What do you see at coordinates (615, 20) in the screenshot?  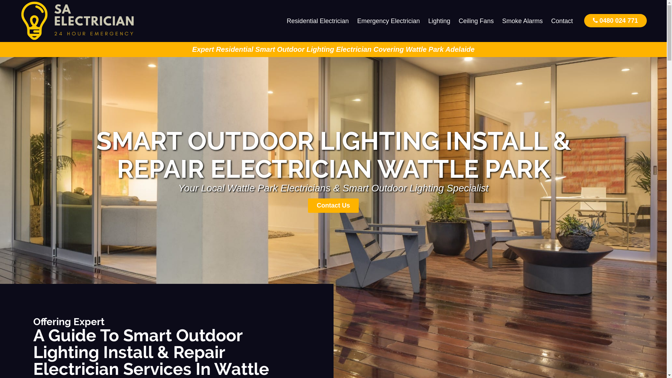 I see `'0480 024 771'` at bounding box center [615, 20].